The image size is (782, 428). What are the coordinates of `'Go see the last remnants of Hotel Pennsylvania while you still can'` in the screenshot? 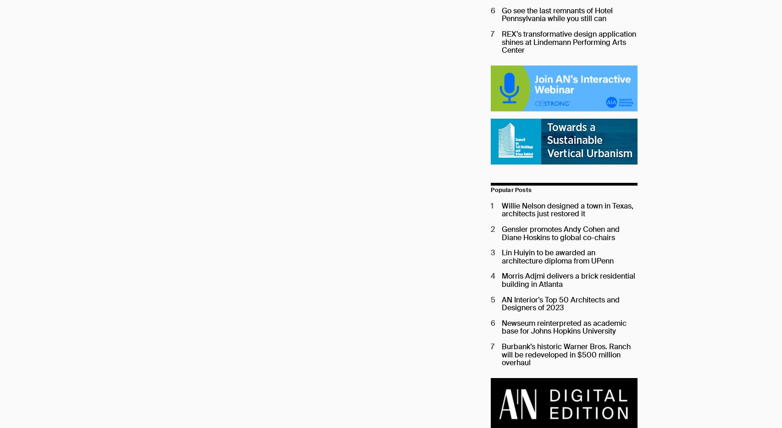 It's located at (501, 14).